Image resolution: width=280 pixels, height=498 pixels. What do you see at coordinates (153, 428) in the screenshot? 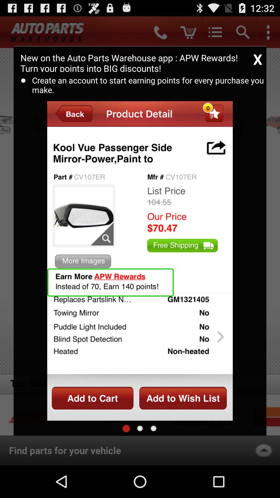
I see `third picture` at bounding box center [153, 428].